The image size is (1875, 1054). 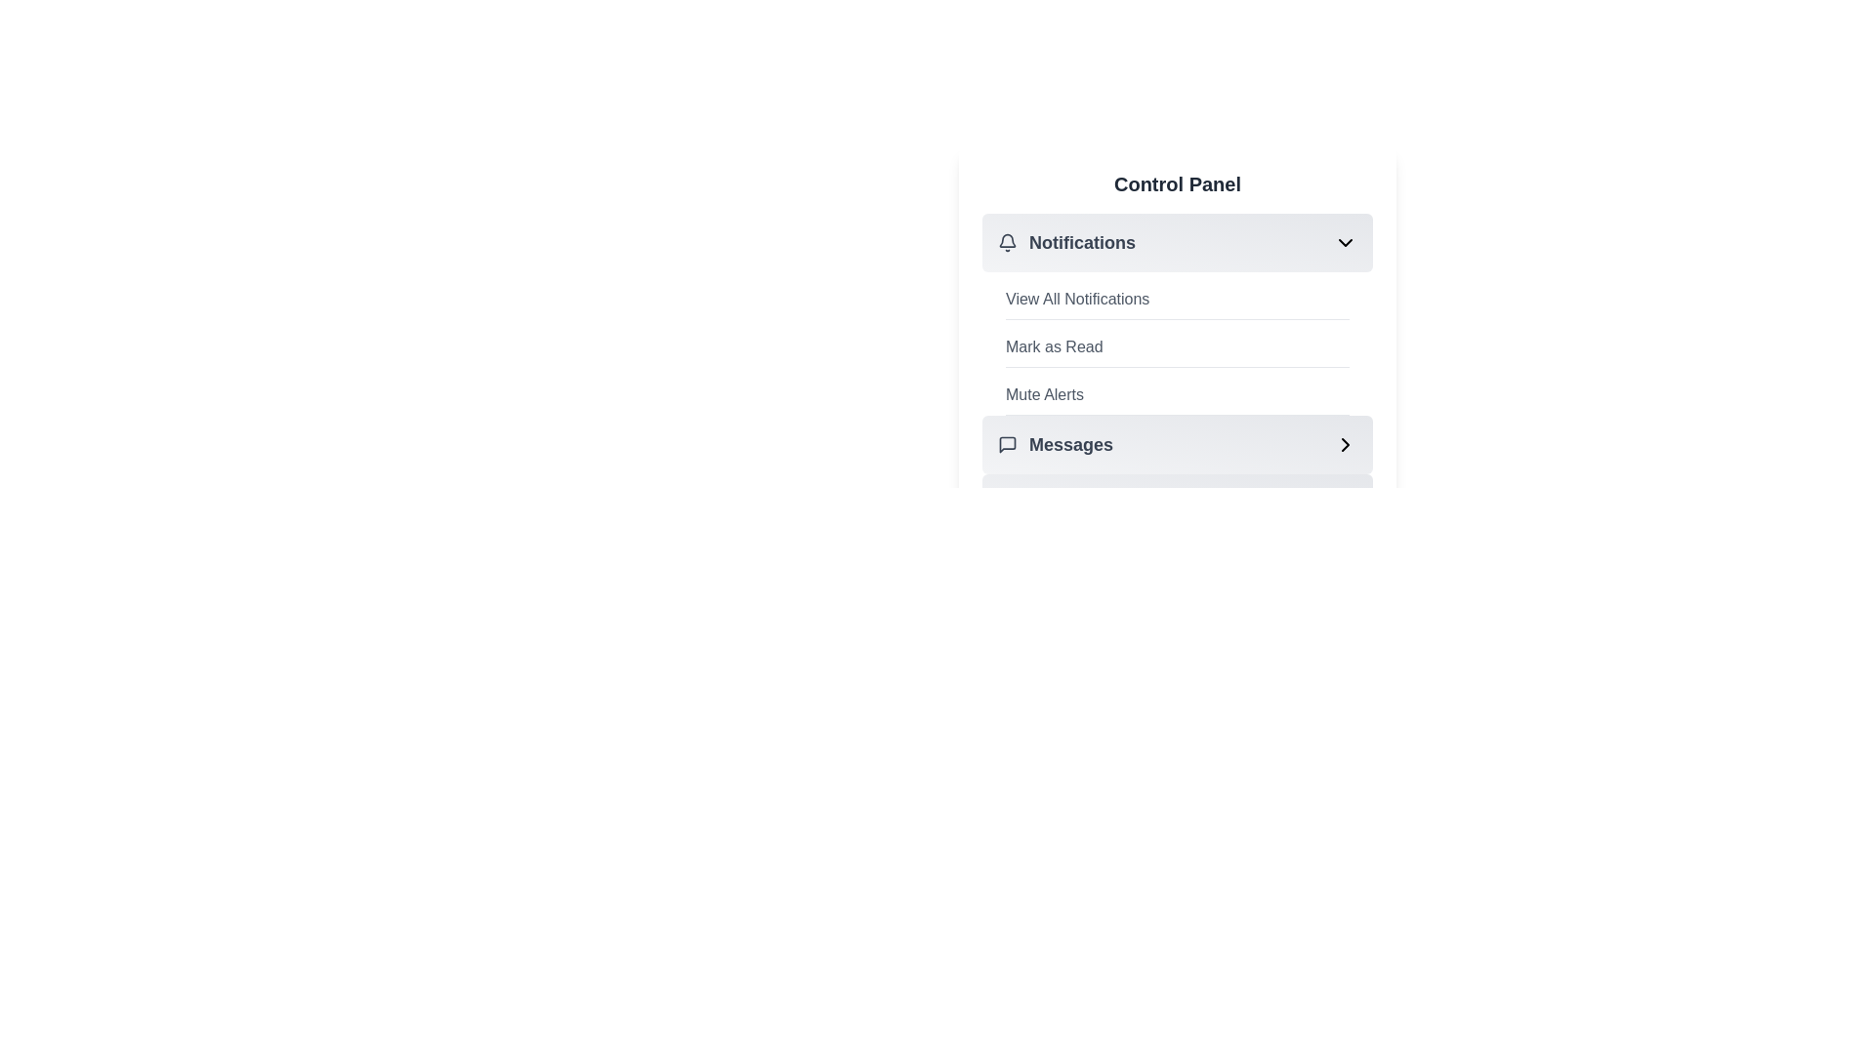 What do you see at coordinates (1053, 345) in the screenshot?
I see `'Mark as Read' label located in the Notifications section, positioned between 'View All Notifications' and 'Mute Alerts'` at bounding box center [1053, 345].